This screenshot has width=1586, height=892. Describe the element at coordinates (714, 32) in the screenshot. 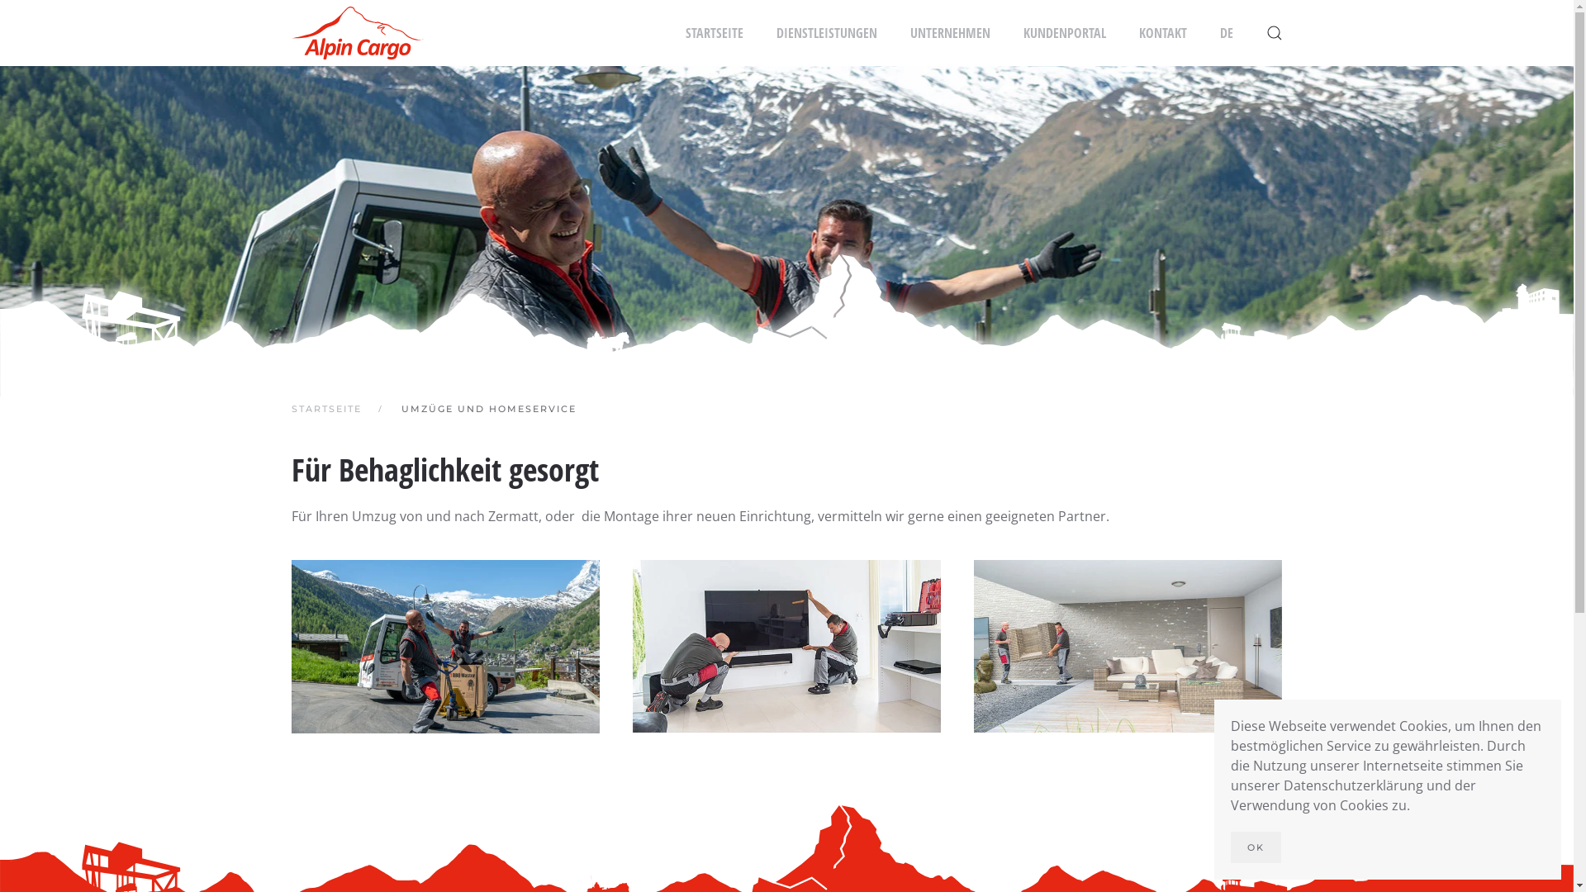

I see `'STARTSEITE'` at that location.